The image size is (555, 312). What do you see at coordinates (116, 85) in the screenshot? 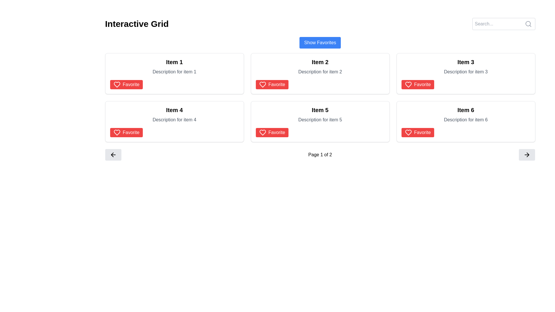
I see `the heart-shaped icon with a red fill and white stroke located inside the 'Favorite' button at the bottom-left corner of the grid card for 'Item 1'` at bounding box center [116, 85].